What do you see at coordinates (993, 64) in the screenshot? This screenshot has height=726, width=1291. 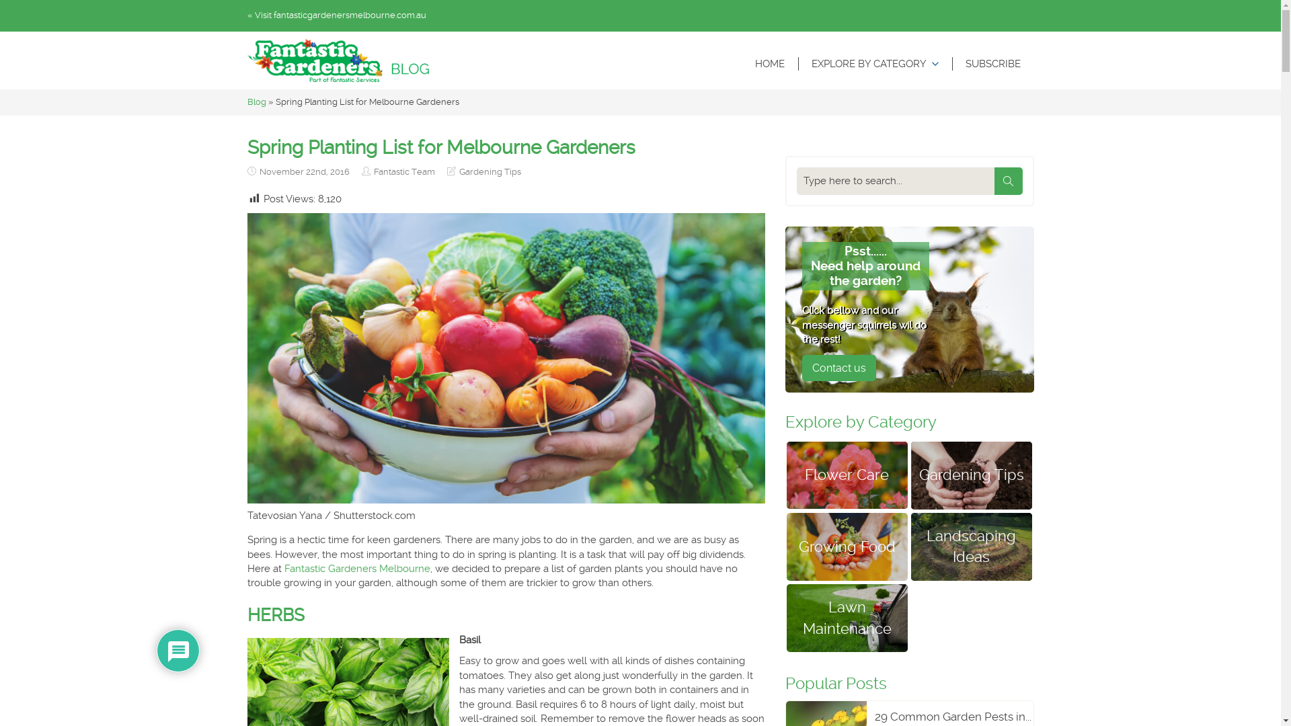 I see `'SUBSCRIBE'` at bounding box center [993, 64].